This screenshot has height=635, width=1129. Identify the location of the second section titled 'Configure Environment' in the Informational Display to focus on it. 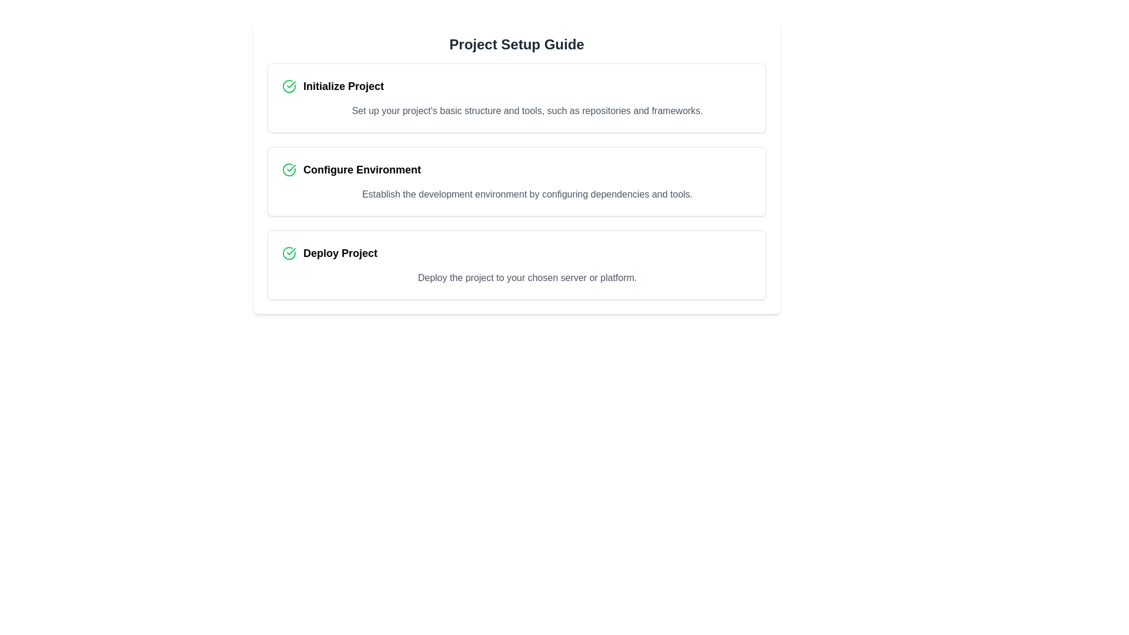
(516, 181).